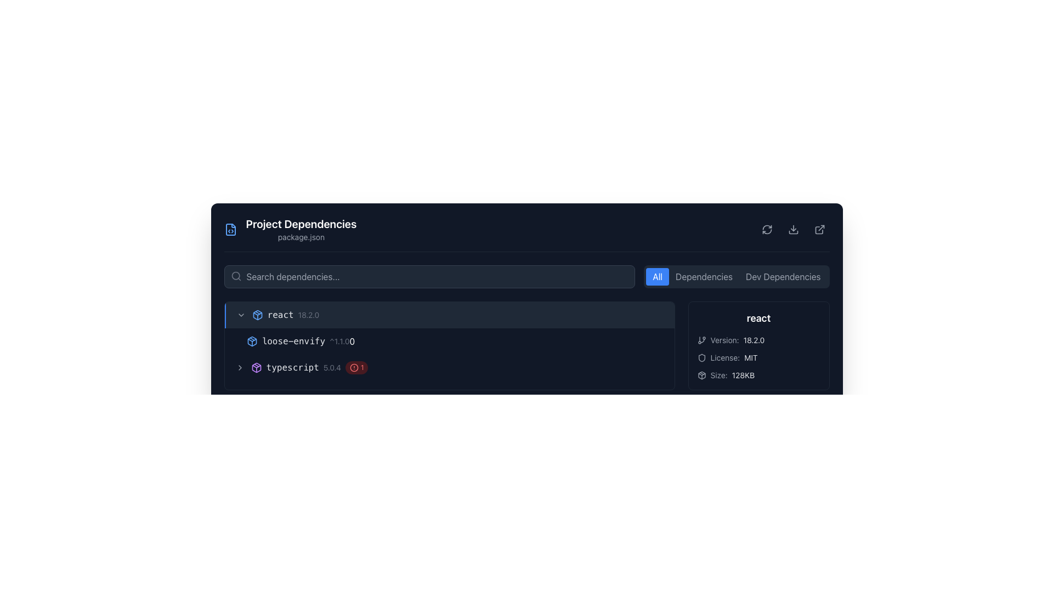 This screenshot has width=1053, height=592. I want to click on the second text component displaying 'react 18.2.0', so click(308, 315).